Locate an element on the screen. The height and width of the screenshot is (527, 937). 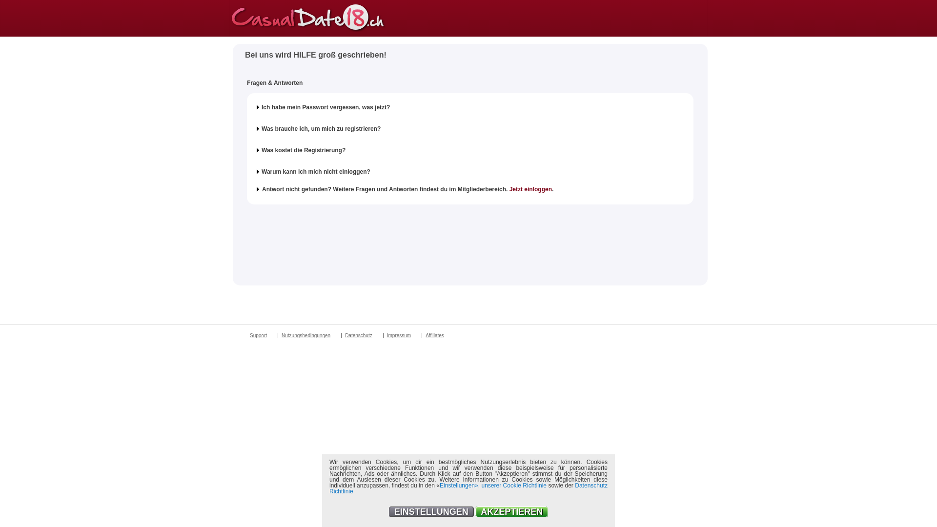
'EINSTELLUNGEN' is located at coordinates (388, 511).